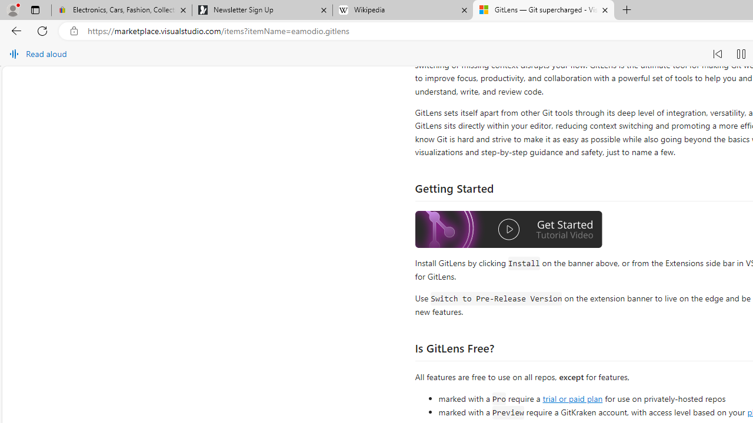  Describe the element at coordinates (741, 54) in the screenshot. I see `'Pause read aloud (Ctrl+Shift+U)'` at that location.